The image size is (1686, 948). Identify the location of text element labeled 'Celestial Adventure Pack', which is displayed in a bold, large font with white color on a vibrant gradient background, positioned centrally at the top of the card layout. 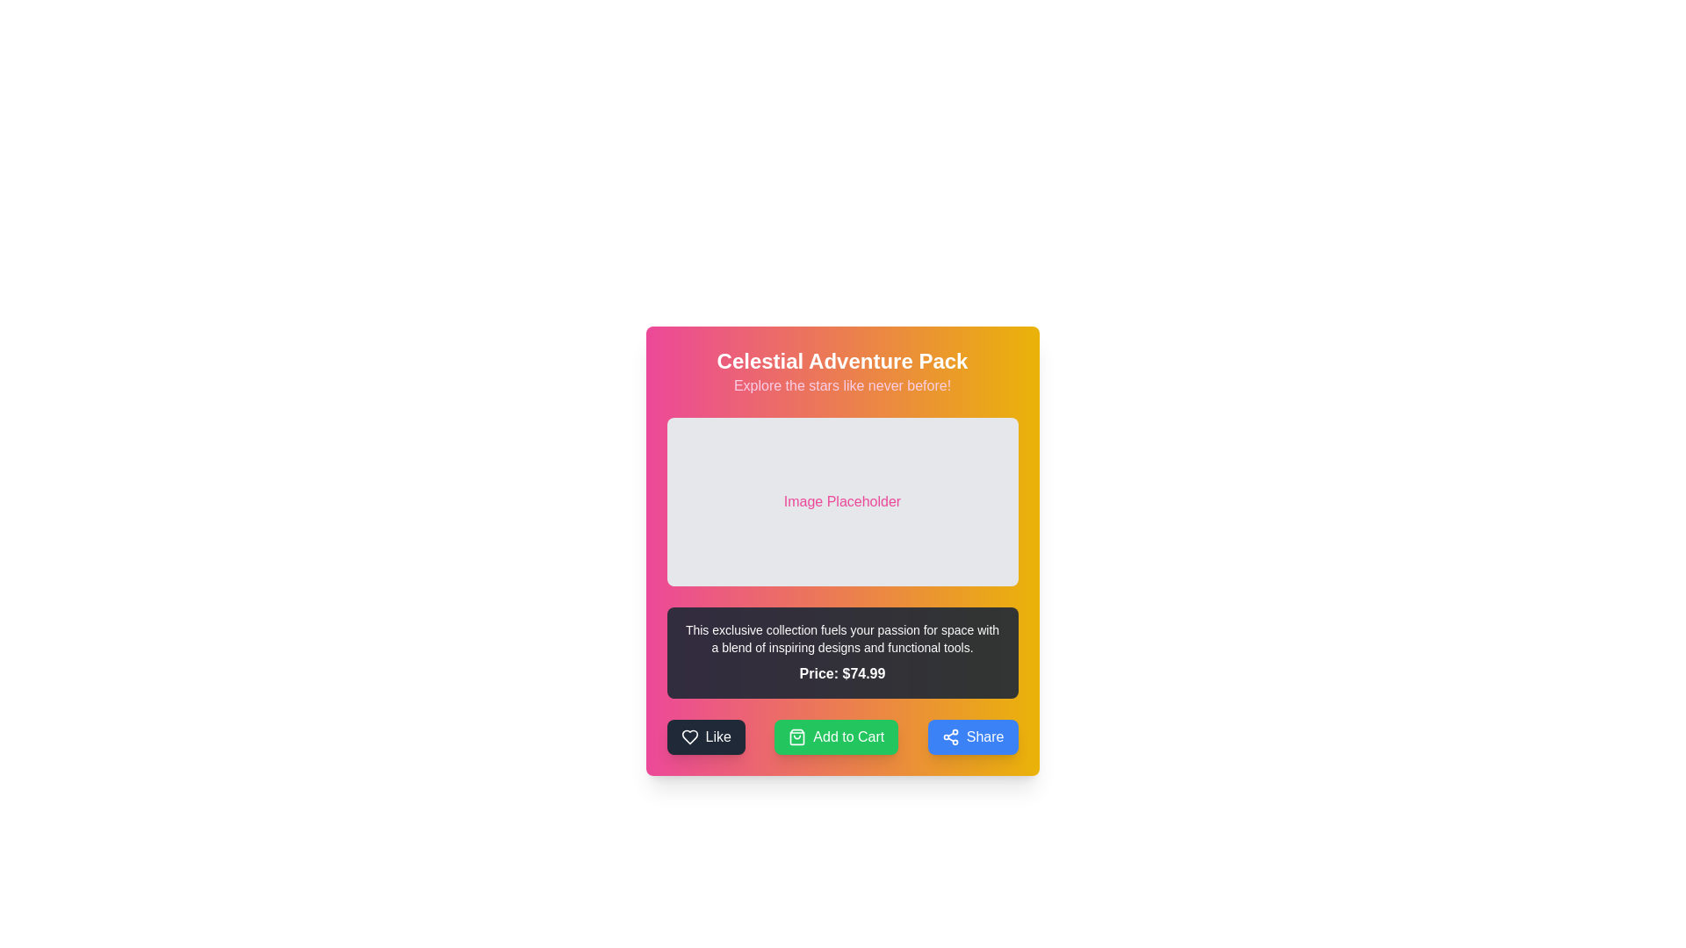
(841, 361).